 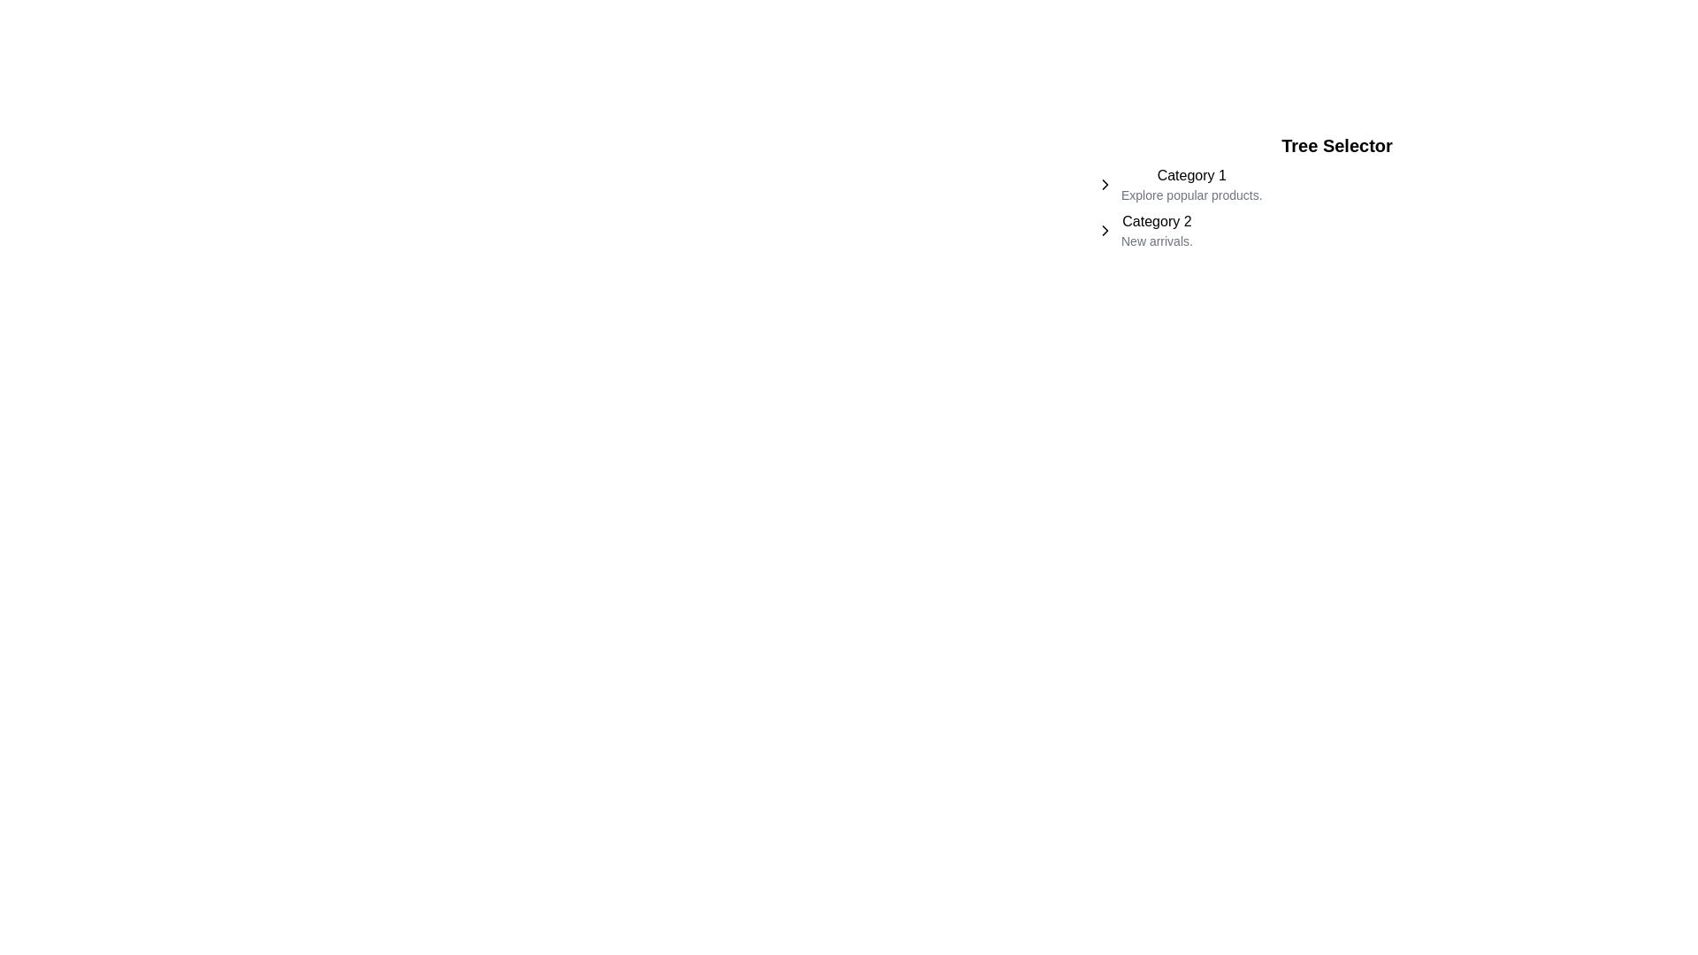 I want to click on the text element that reads 'Category 2', which is styled with medium font weight and is positioned below 'Category 1', so click(x=1157, y=220).